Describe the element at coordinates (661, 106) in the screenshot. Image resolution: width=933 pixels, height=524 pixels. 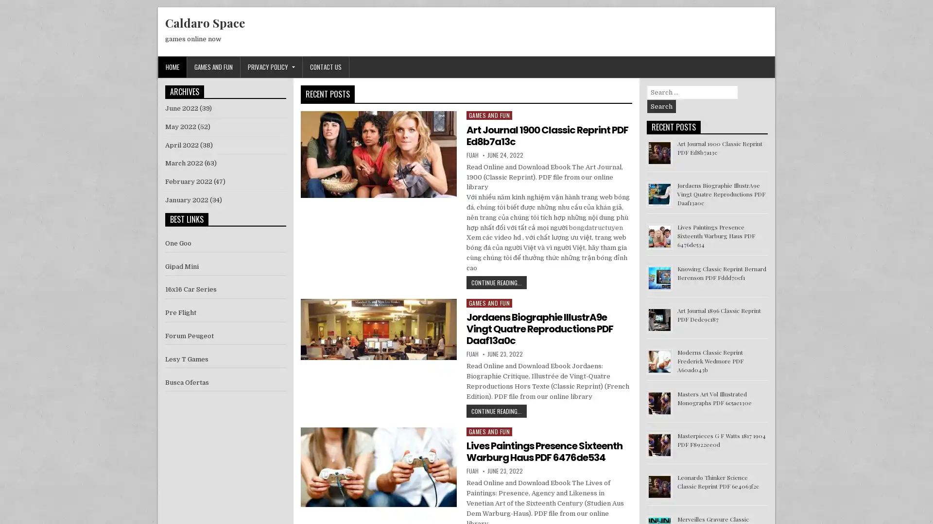
I see `Search` at that location.